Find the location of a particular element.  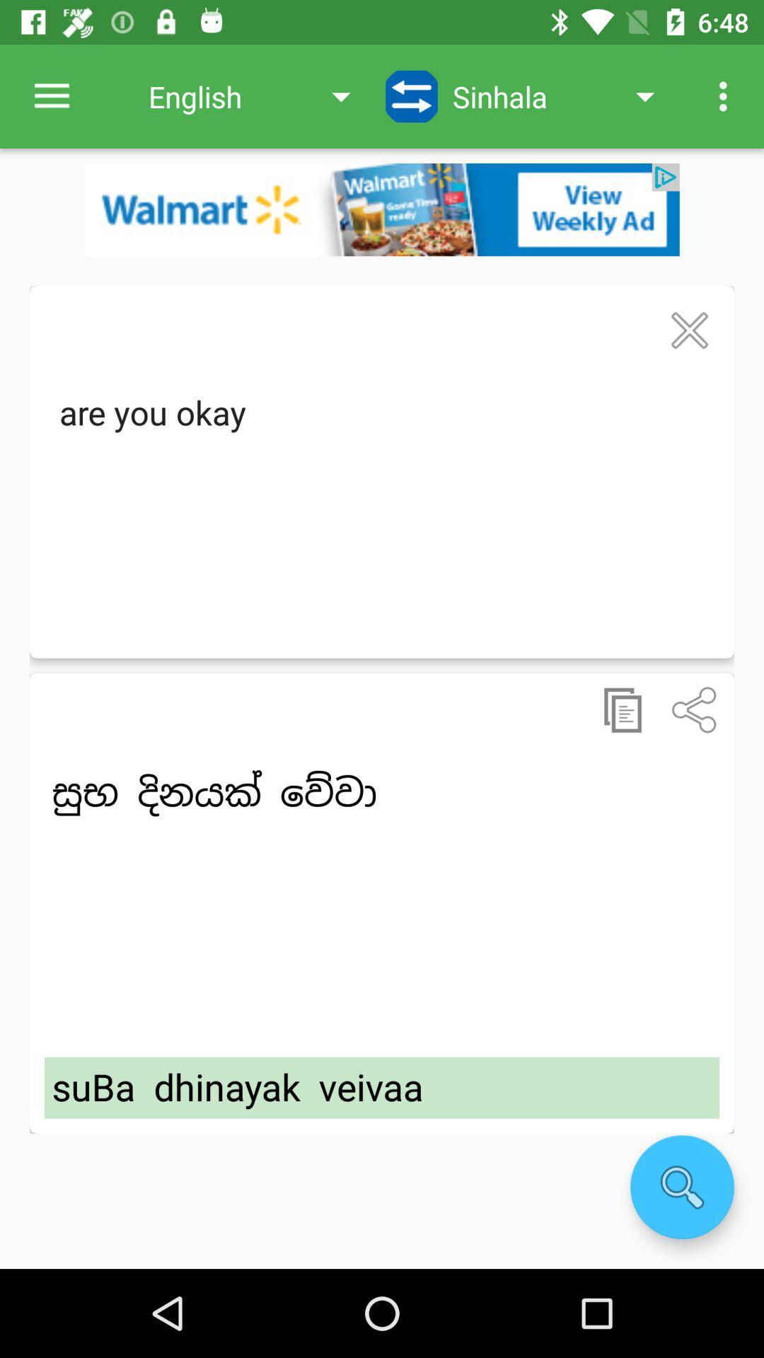

refresh option is located at coordinates (412, 95).